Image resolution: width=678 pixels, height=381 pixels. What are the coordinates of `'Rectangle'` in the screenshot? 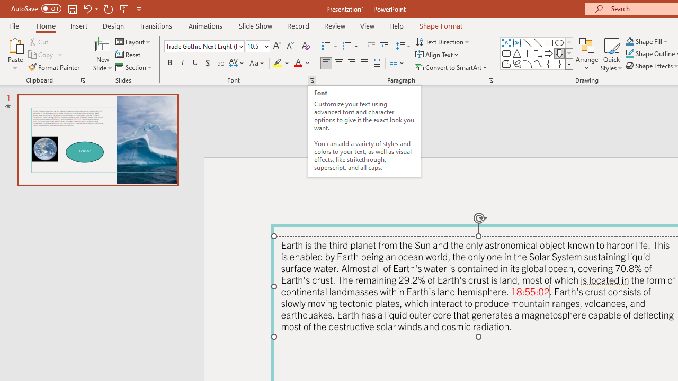 It's located at (549, 42).